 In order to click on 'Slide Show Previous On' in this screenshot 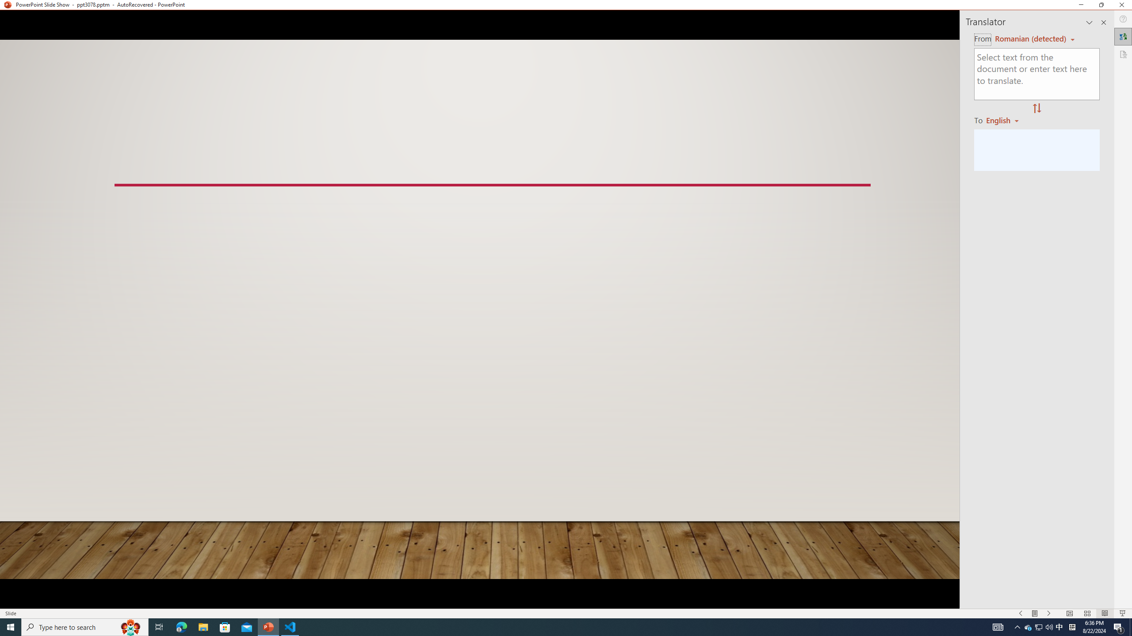, I will do `click(1021, 613)`.